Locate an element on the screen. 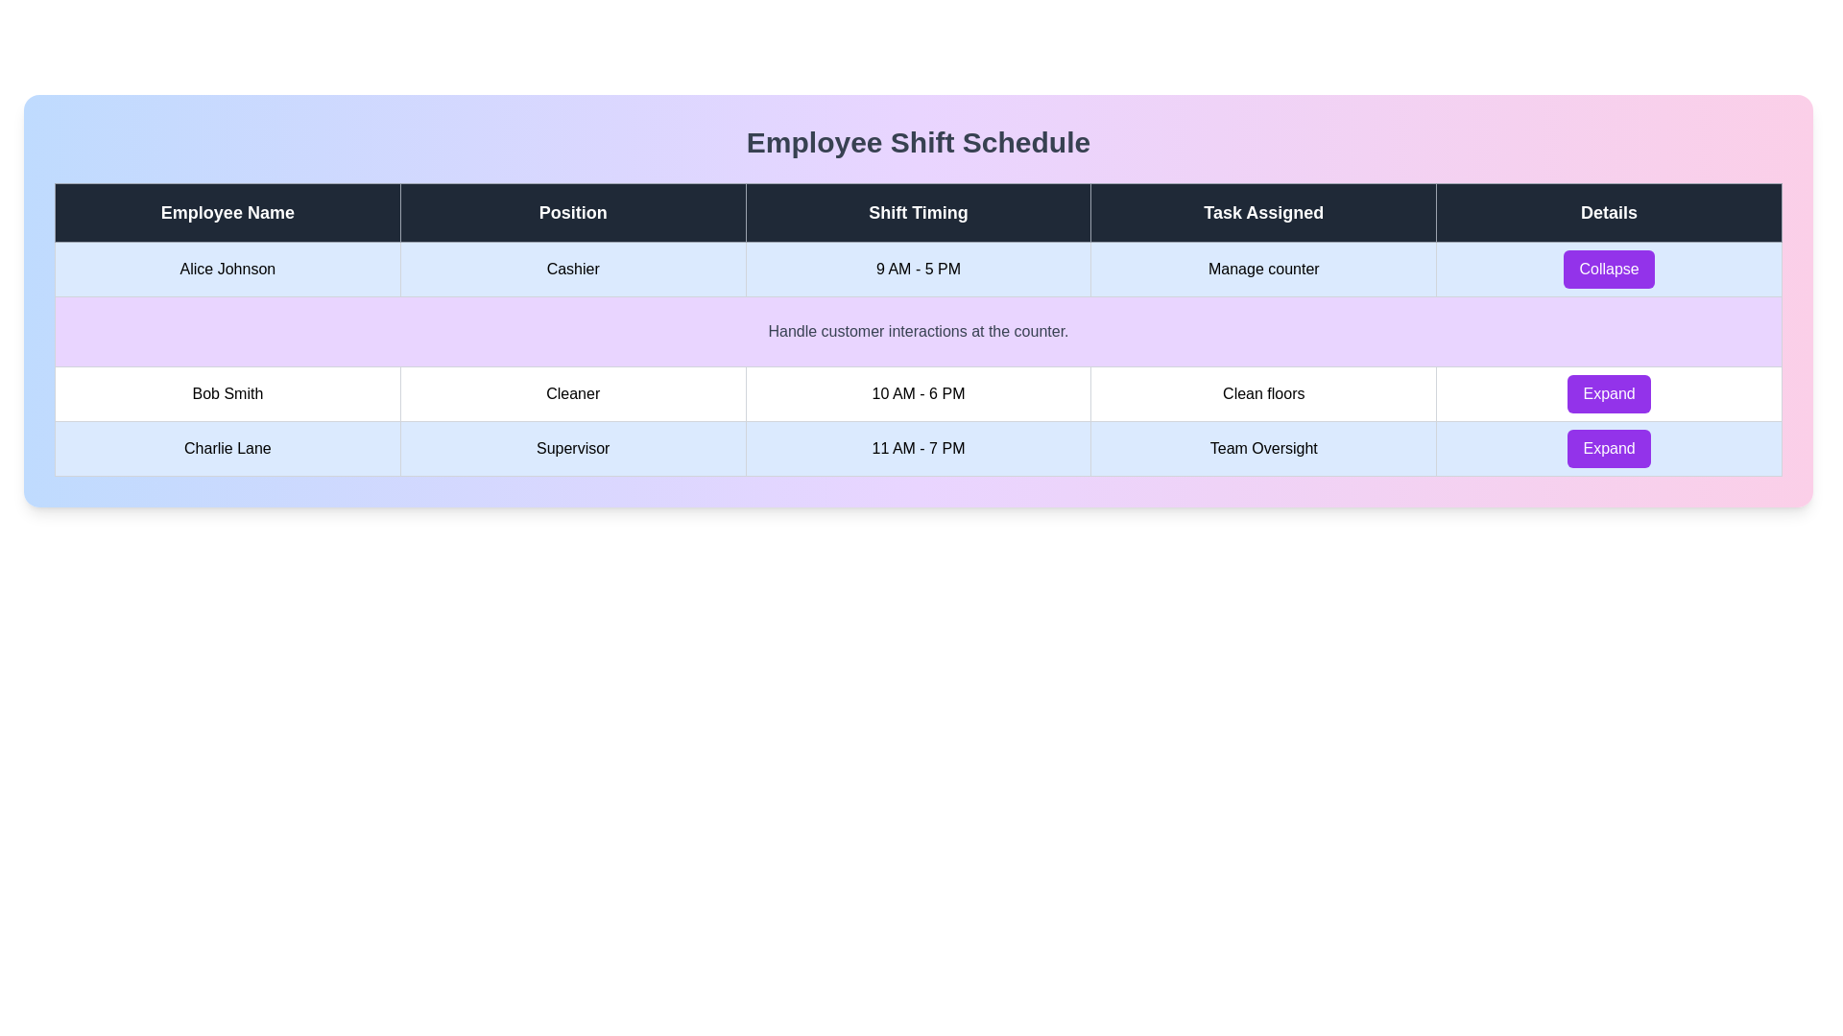 The image size is (1843, 1036). the 'Expand' button located in the last column of the second row of the table, aligned with the row containing 'Bob Smith', 'Cleaner', and '10 AM - 6 PM' is located at coordinates (1609, 393).